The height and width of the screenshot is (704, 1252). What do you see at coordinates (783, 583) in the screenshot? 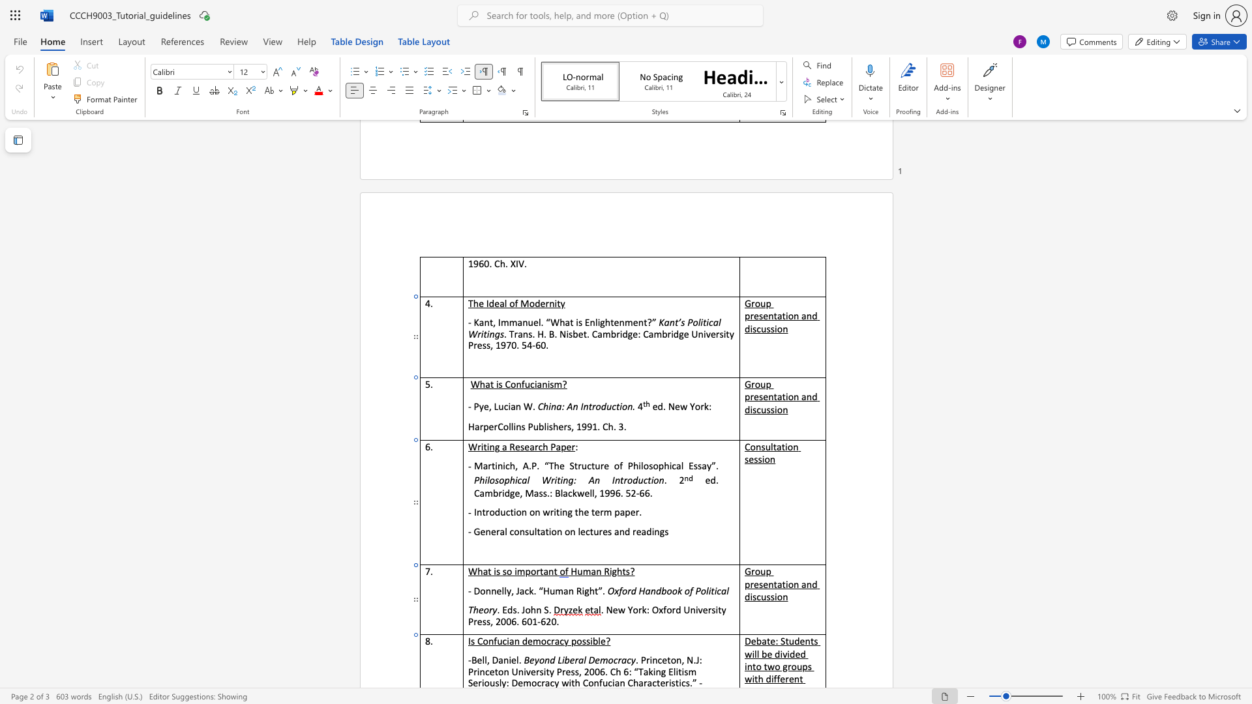
I see `the 2th character "t" in the text` at bounding box center [783, 583].